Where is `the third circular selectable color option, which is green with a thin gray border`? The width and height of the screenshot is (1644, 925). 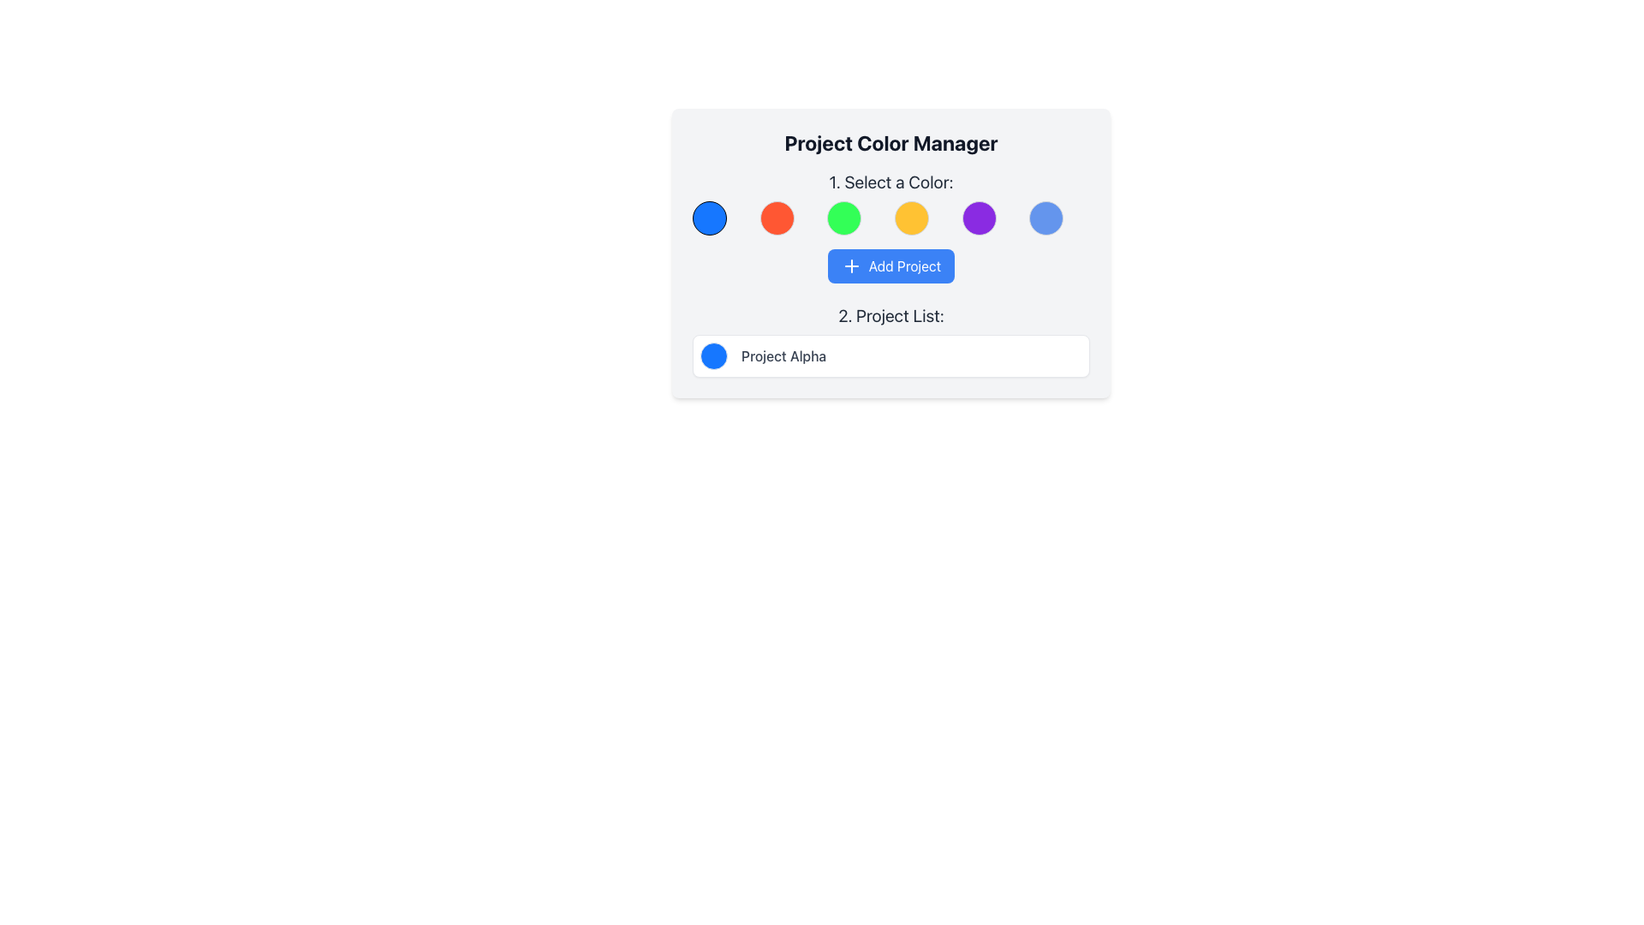
the third circular selectable color option, which is green with a thin gray border is located at coordinates (844, 217).